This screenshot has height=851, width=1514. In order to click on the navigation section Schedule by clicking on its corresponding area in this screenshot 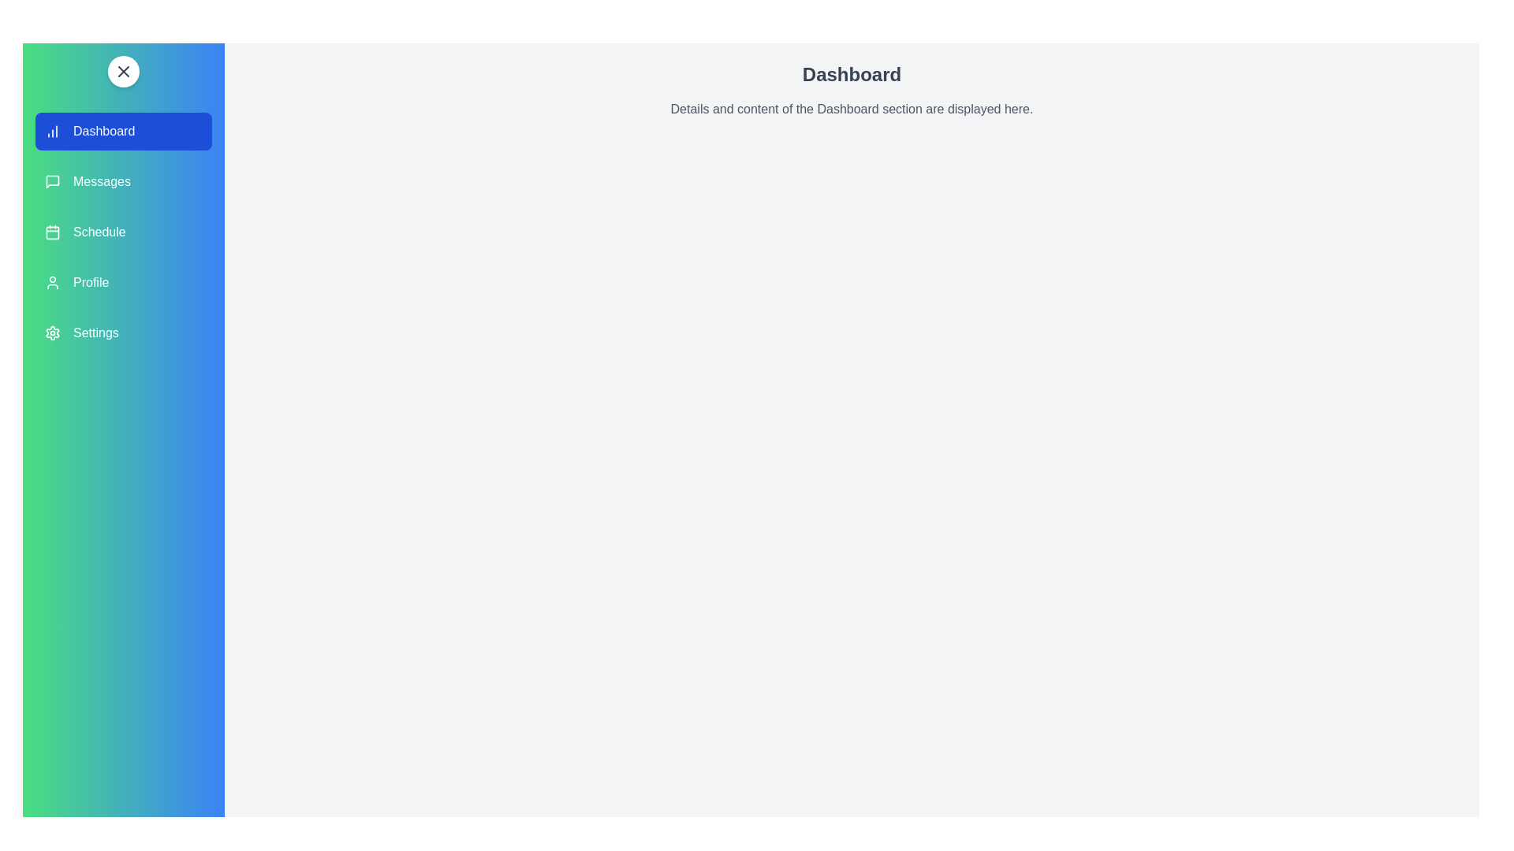, I will do `click(123, 232)`.